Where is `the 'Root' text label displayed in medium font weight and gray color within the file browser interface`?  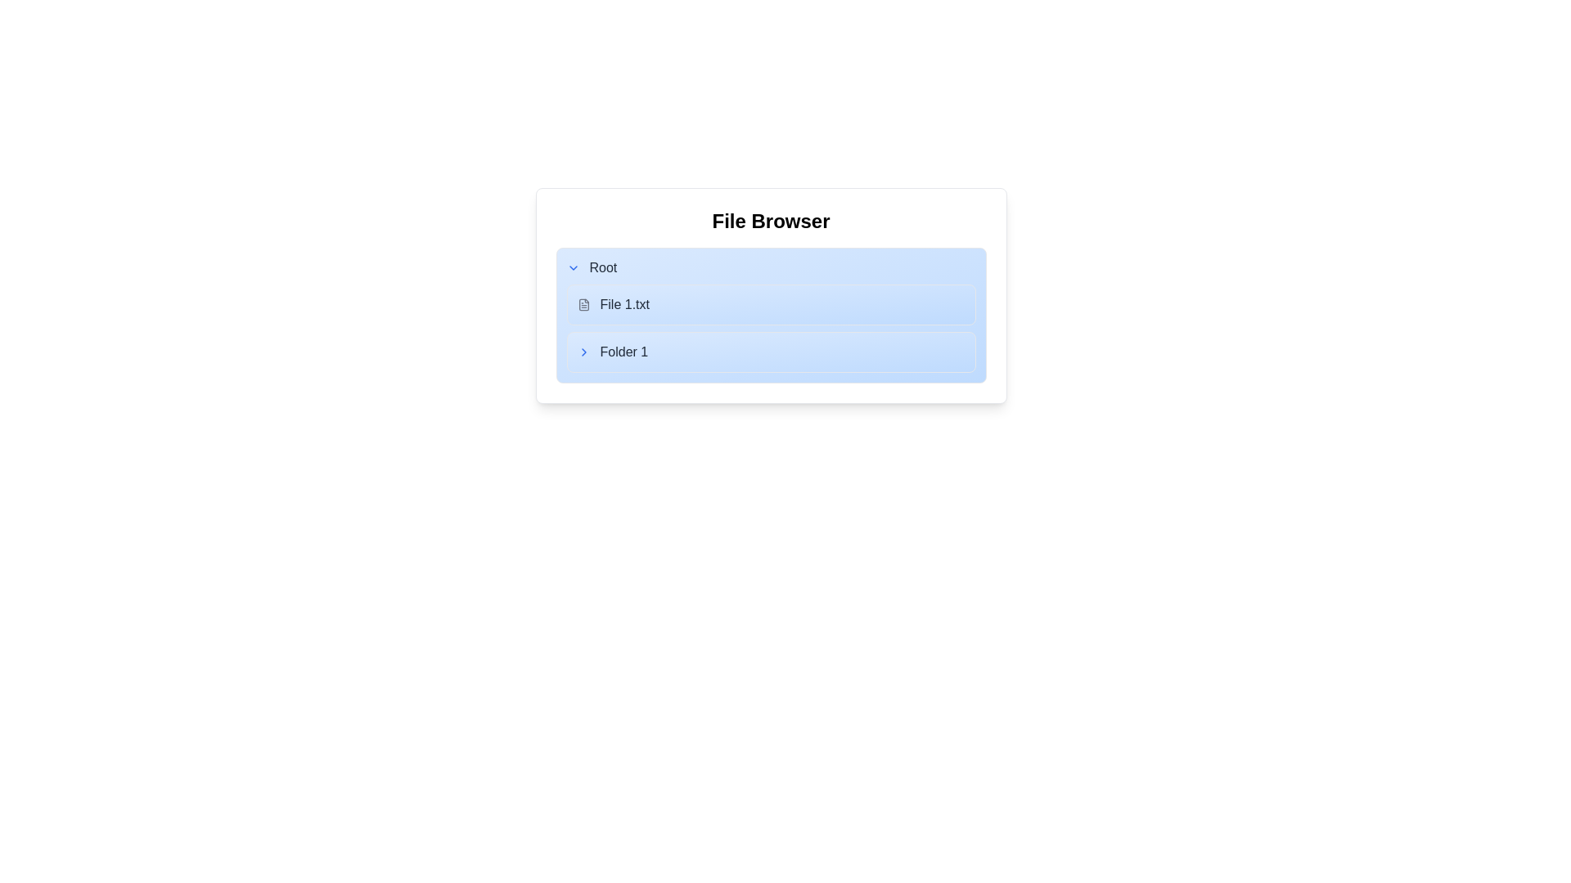 the 'Root' text label displayed in medium font weight and gray color within the file browser interface is located at coordinates (602, 267).